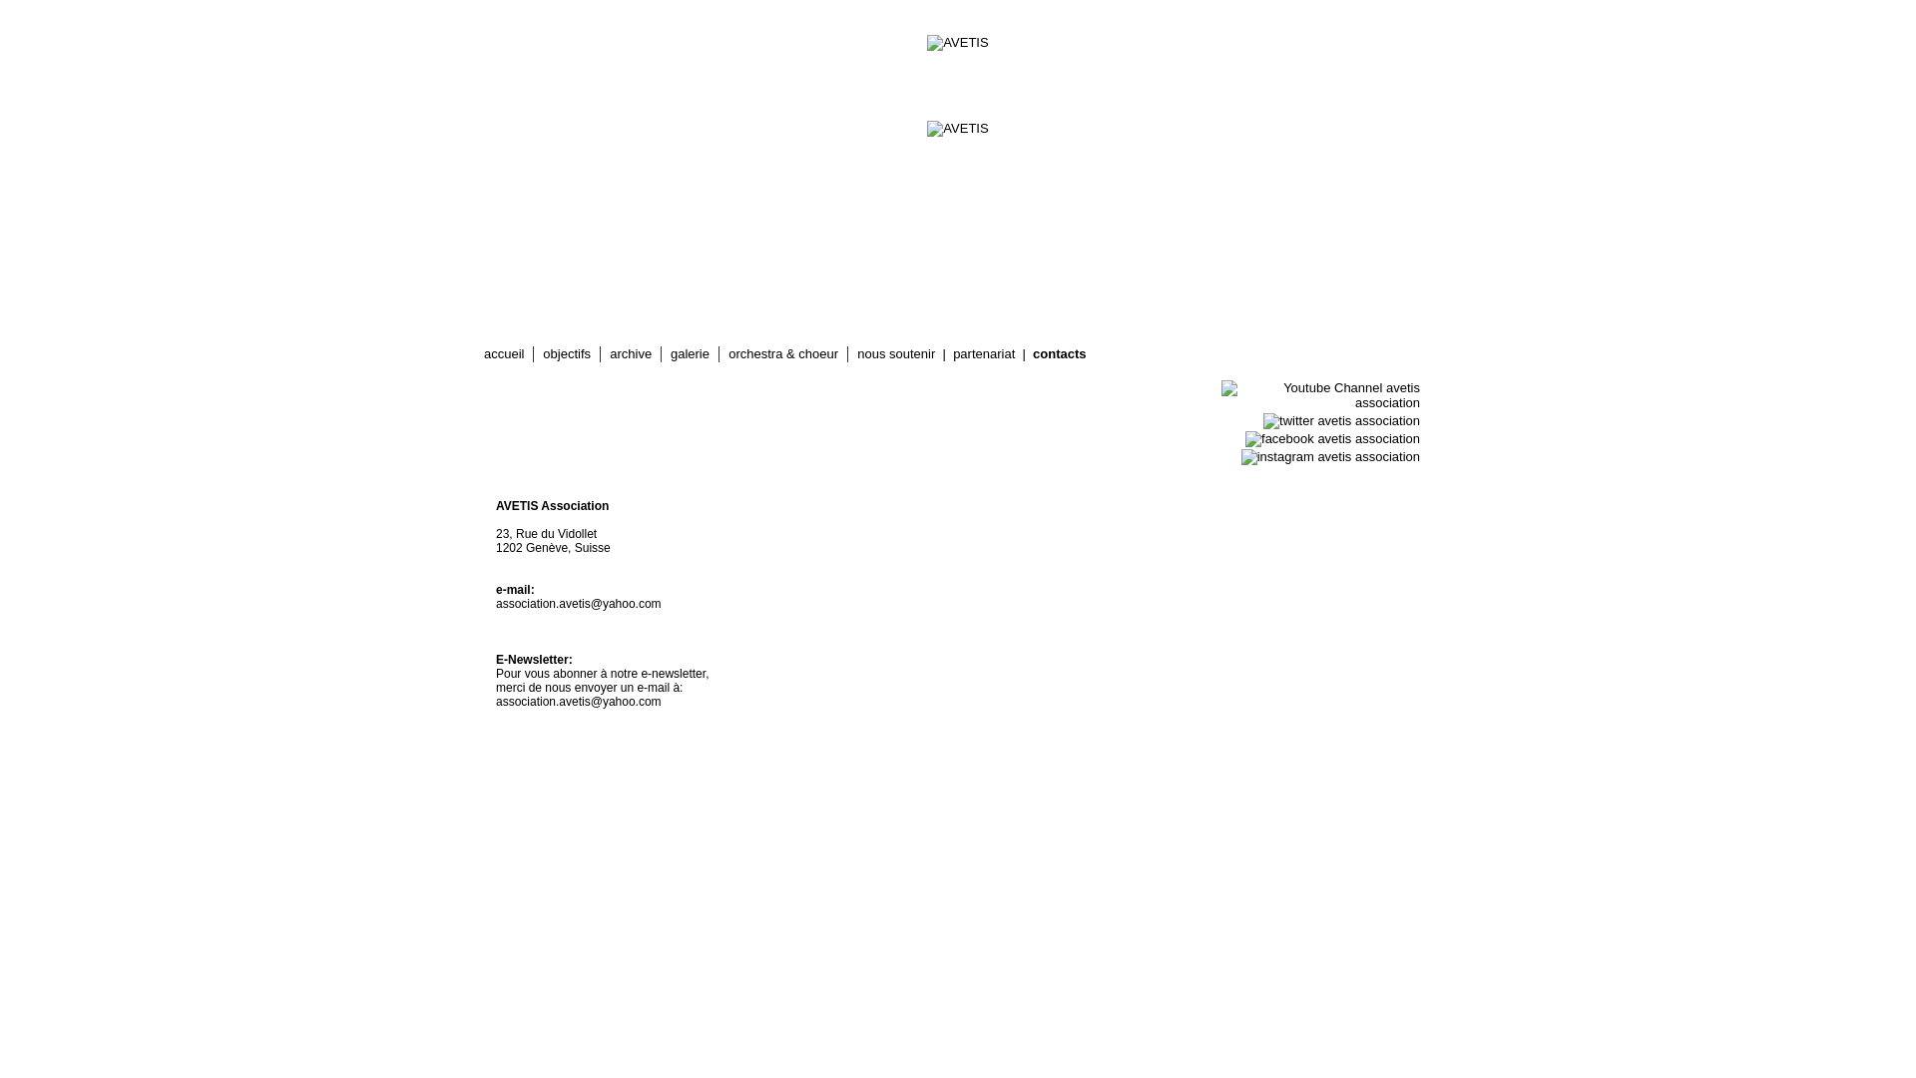 The width and height of the screenshot is (1916, 1078). What do you see at coordinates (1058, 352) in the screenshot?
I see `'contacts'` at bounding box center [1058, 352].